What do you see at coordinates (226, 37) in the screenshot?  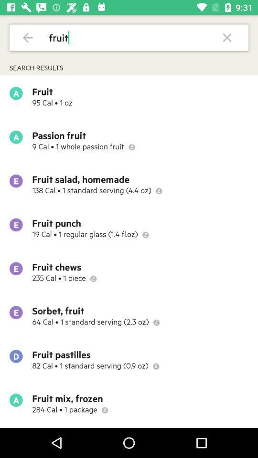 I see `the close icon` at bounding box center [226, 37].